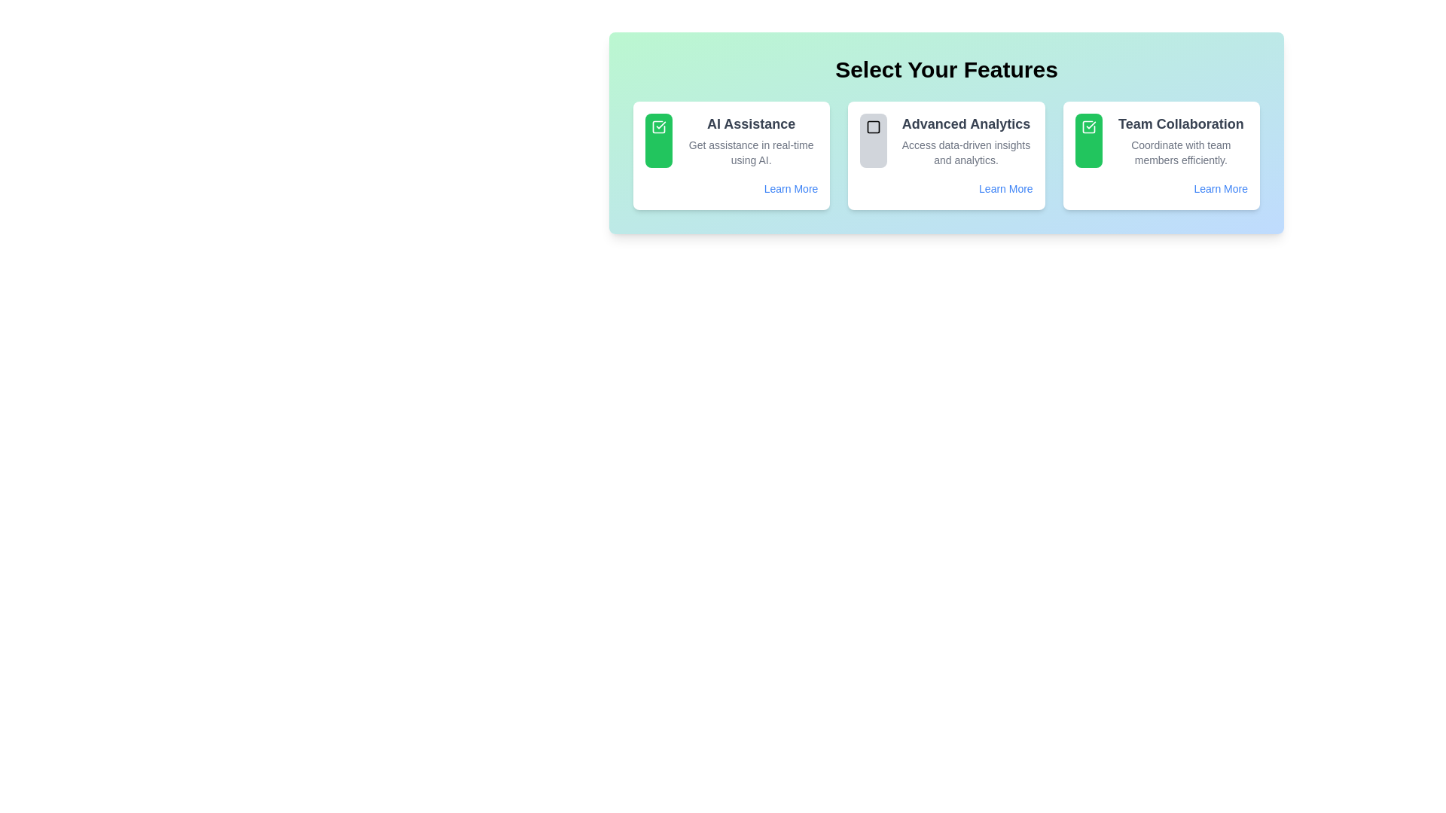  What do you see at coordinates (1161, 156) in the screenshot?
I see `title 'Team Collaboration' and subtitle 'Coordinate with team members efficiently.' from the third card in the grid layout, which is a white card with a green checkmark icon` at bounding box center [1161, 156].